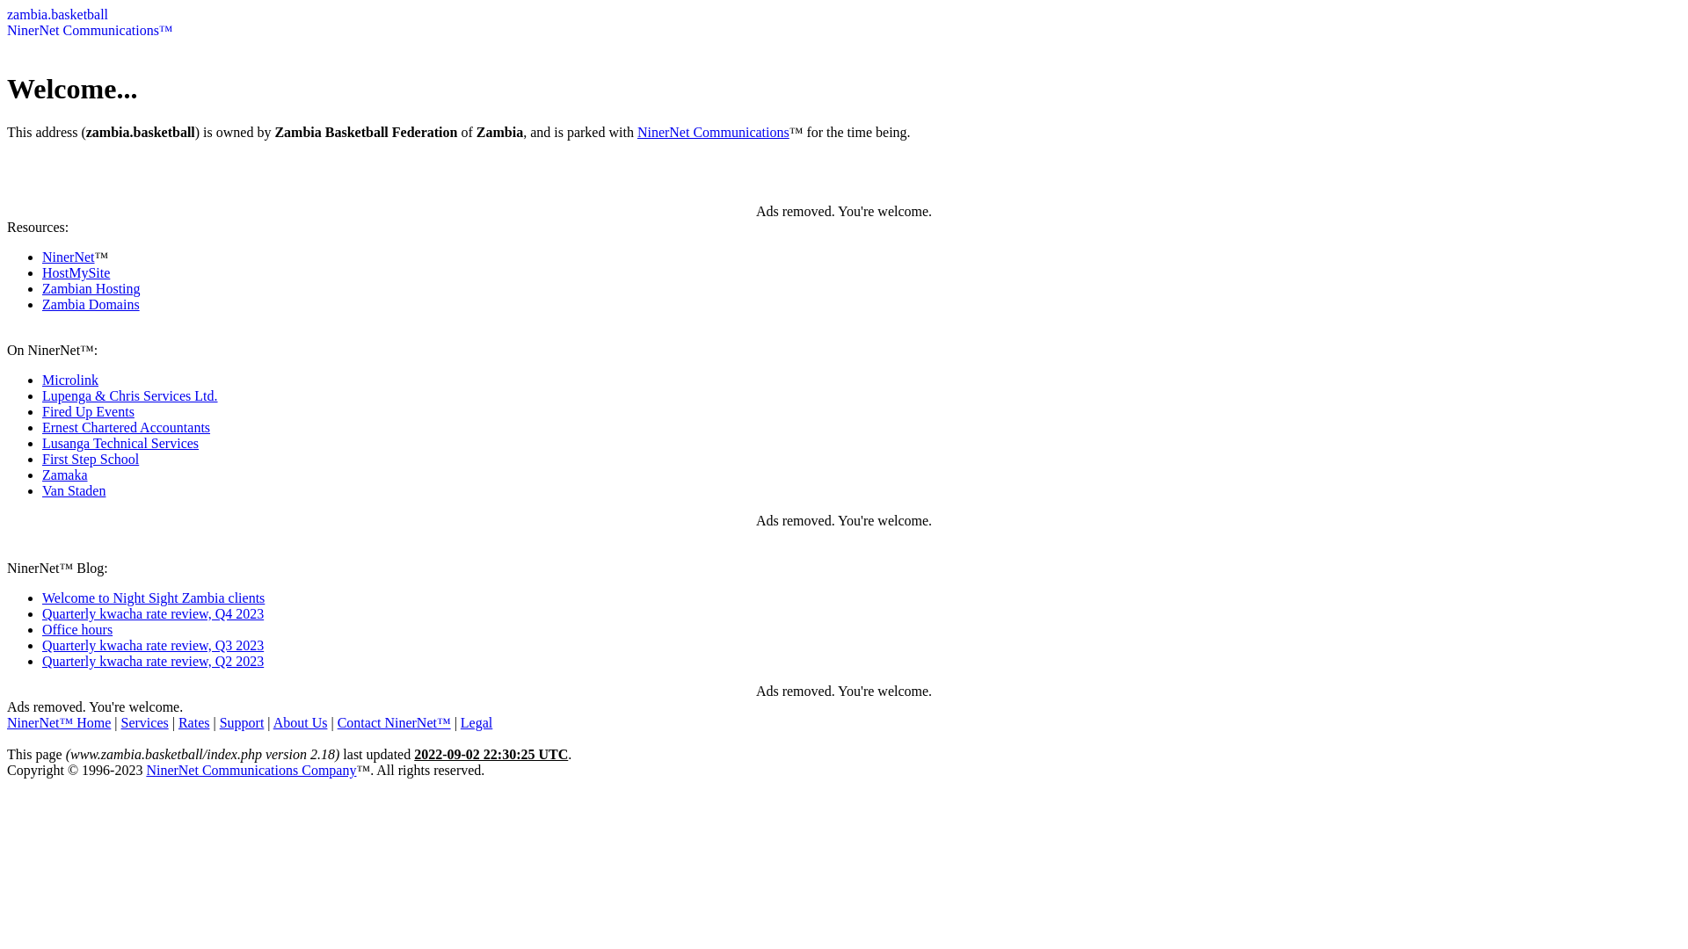  What do you see at coordinates (68, 257) in the screenshot?
I see `'NinerNet'` at bounding box center [68, 257].